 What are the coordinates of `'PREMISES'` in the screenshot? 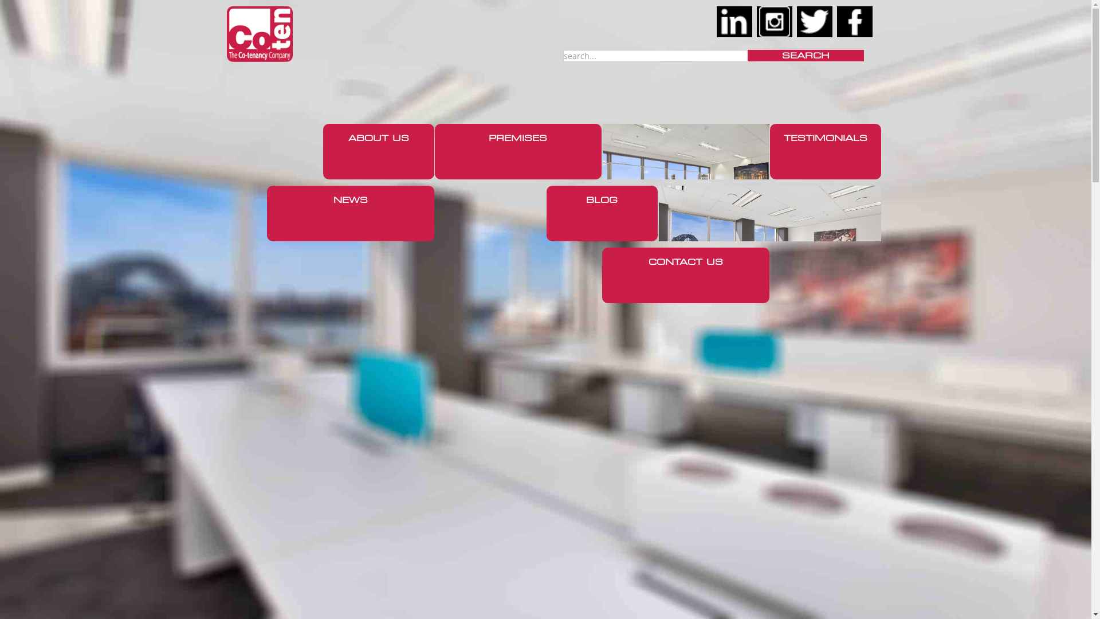 It's located at (517, 151).